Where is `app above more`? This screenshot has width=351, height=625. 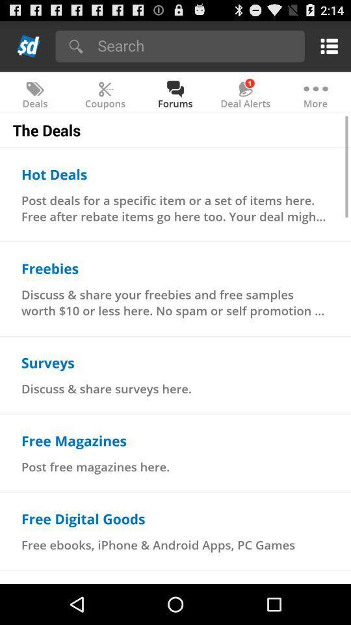
app above more is located at coordinates (326, 46).